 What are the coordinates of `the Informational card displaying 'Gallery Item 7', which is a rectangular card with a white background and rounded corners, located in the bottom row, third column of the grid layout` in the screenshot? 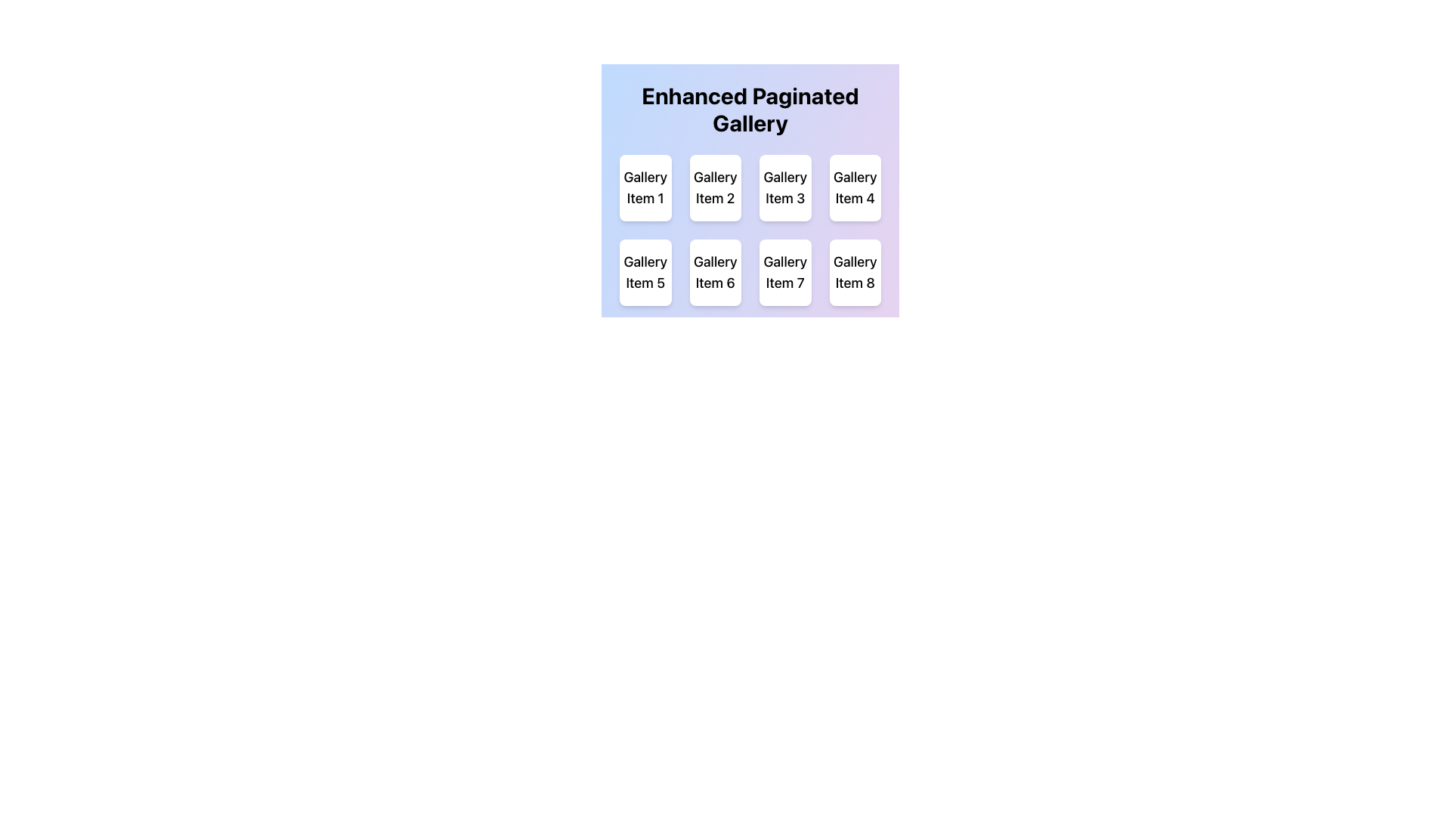 It's located at (785, 273).